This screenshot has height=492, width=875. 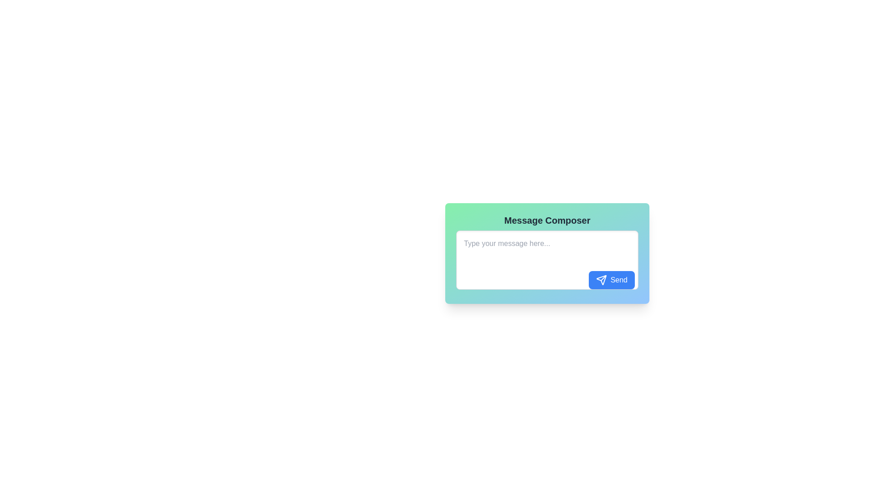 What do you see at coordinates (601, 279) in the screenshot?
I see `the 'Send' icon located on the right side of the 'Send' button at the bottom-right of the message composer pane` at bounding box center [601, 279].